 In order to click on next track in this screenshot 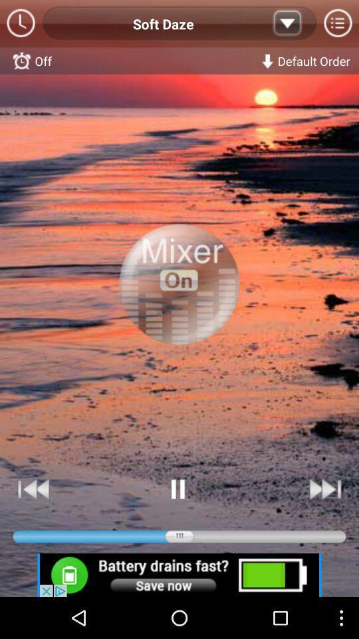, I will do `click(324, 489)`.